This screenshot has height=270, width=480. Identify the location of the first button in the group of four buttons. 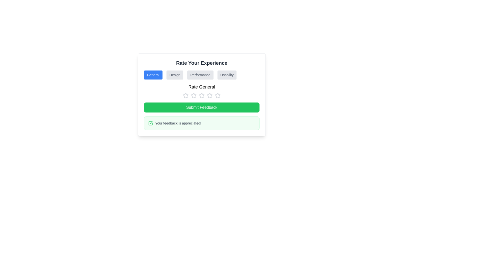
(153, 75).